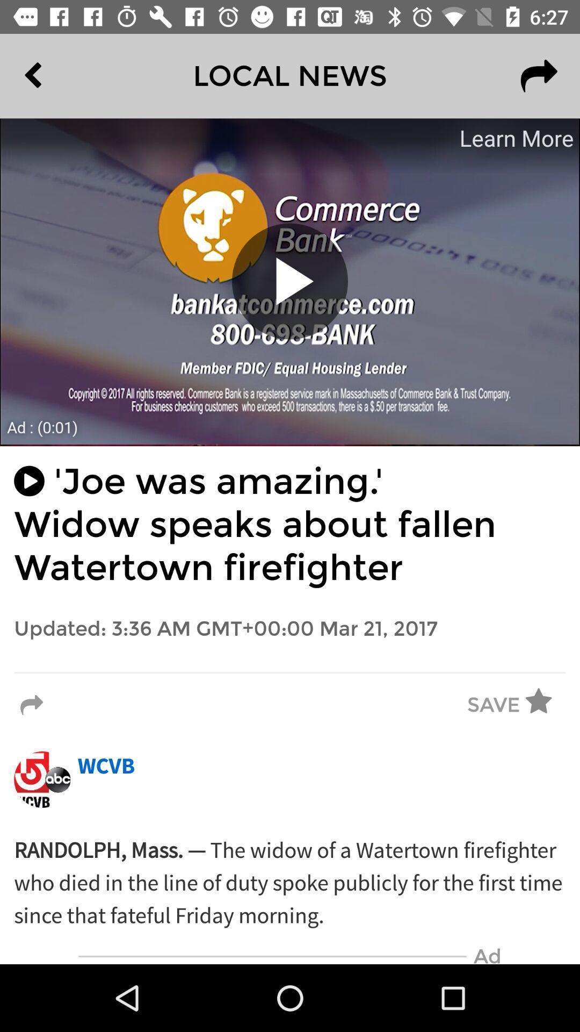  I want to click on to play the ad/file, so click(290, 281).